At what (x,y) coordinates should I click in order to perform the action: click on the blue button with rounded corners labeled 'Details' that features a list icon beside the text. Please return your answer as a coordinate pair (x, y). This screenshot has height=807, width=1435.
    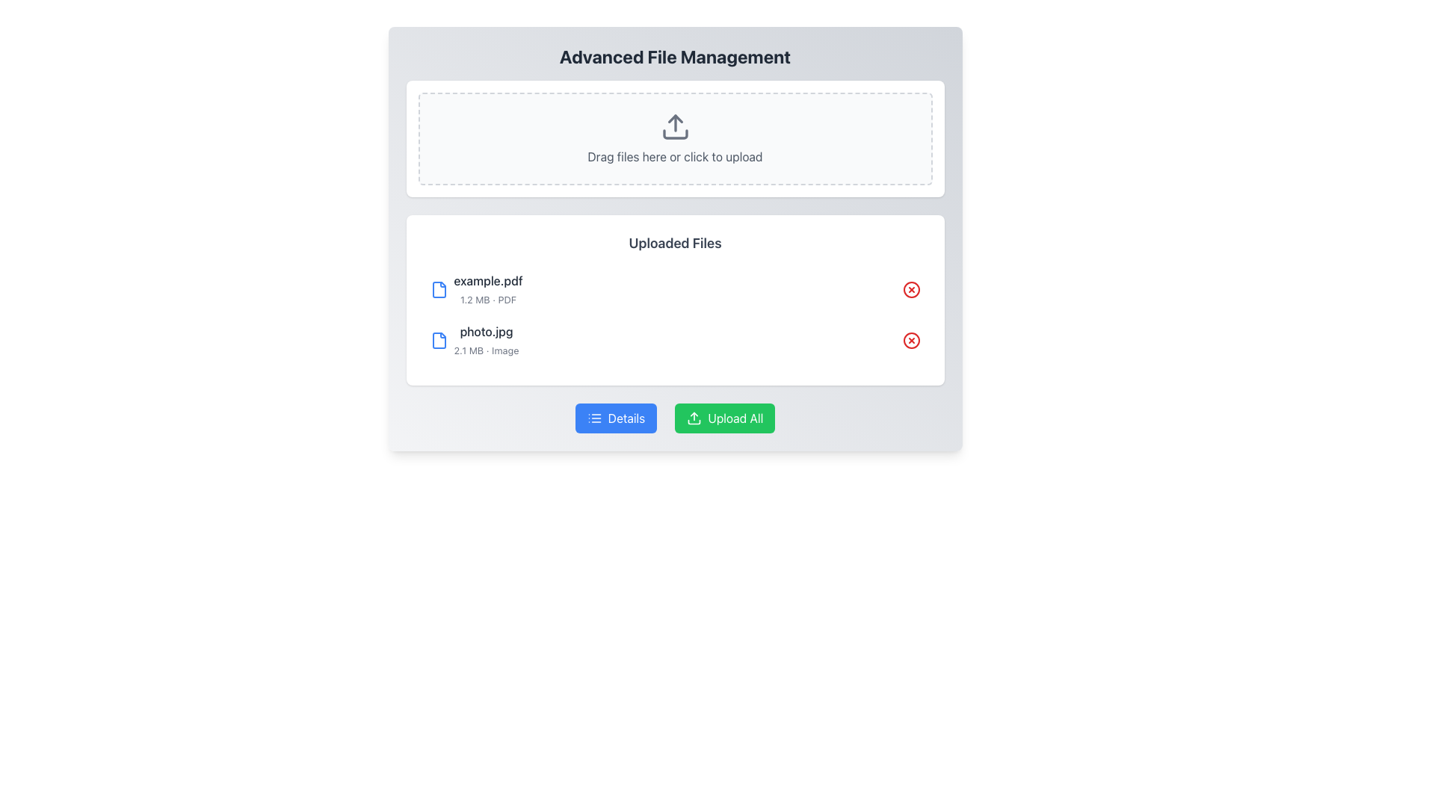
    Looking at the image, I should click on (616, 418).